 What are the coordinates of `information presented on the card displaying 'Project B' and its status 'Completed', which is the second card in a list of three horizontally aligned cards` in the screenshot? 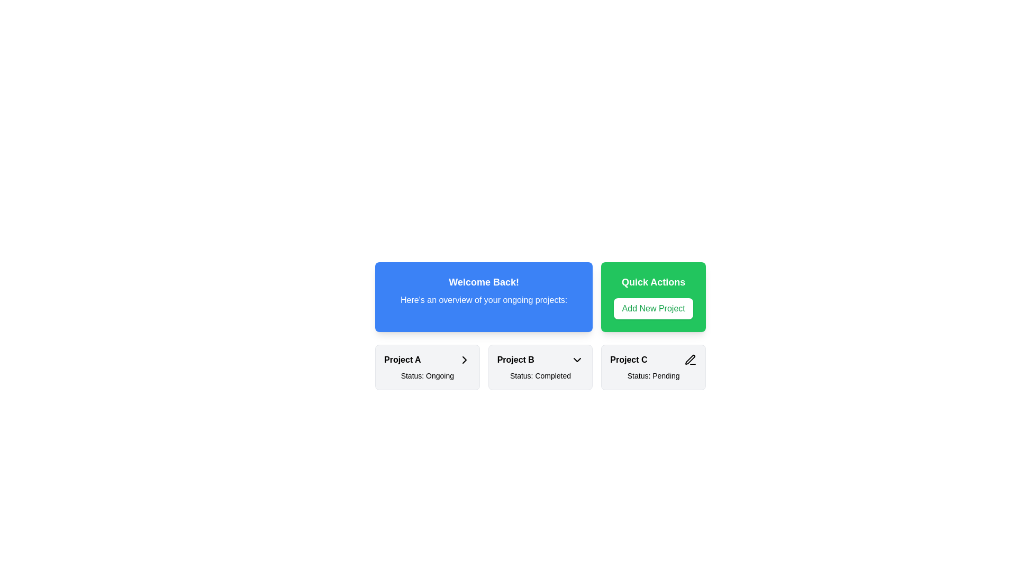 It's located at (540, 366).